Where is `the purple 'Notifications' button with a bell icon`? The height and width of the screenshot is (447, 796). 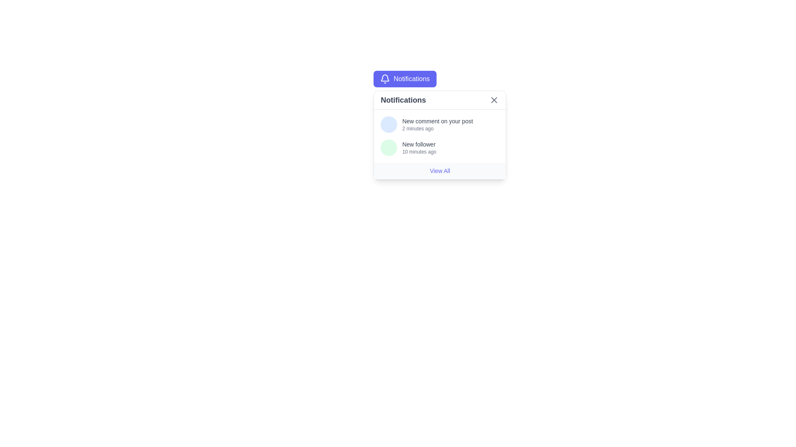
the purple 'Notifications' button with a bell icon is located at coordinates (405, 79).